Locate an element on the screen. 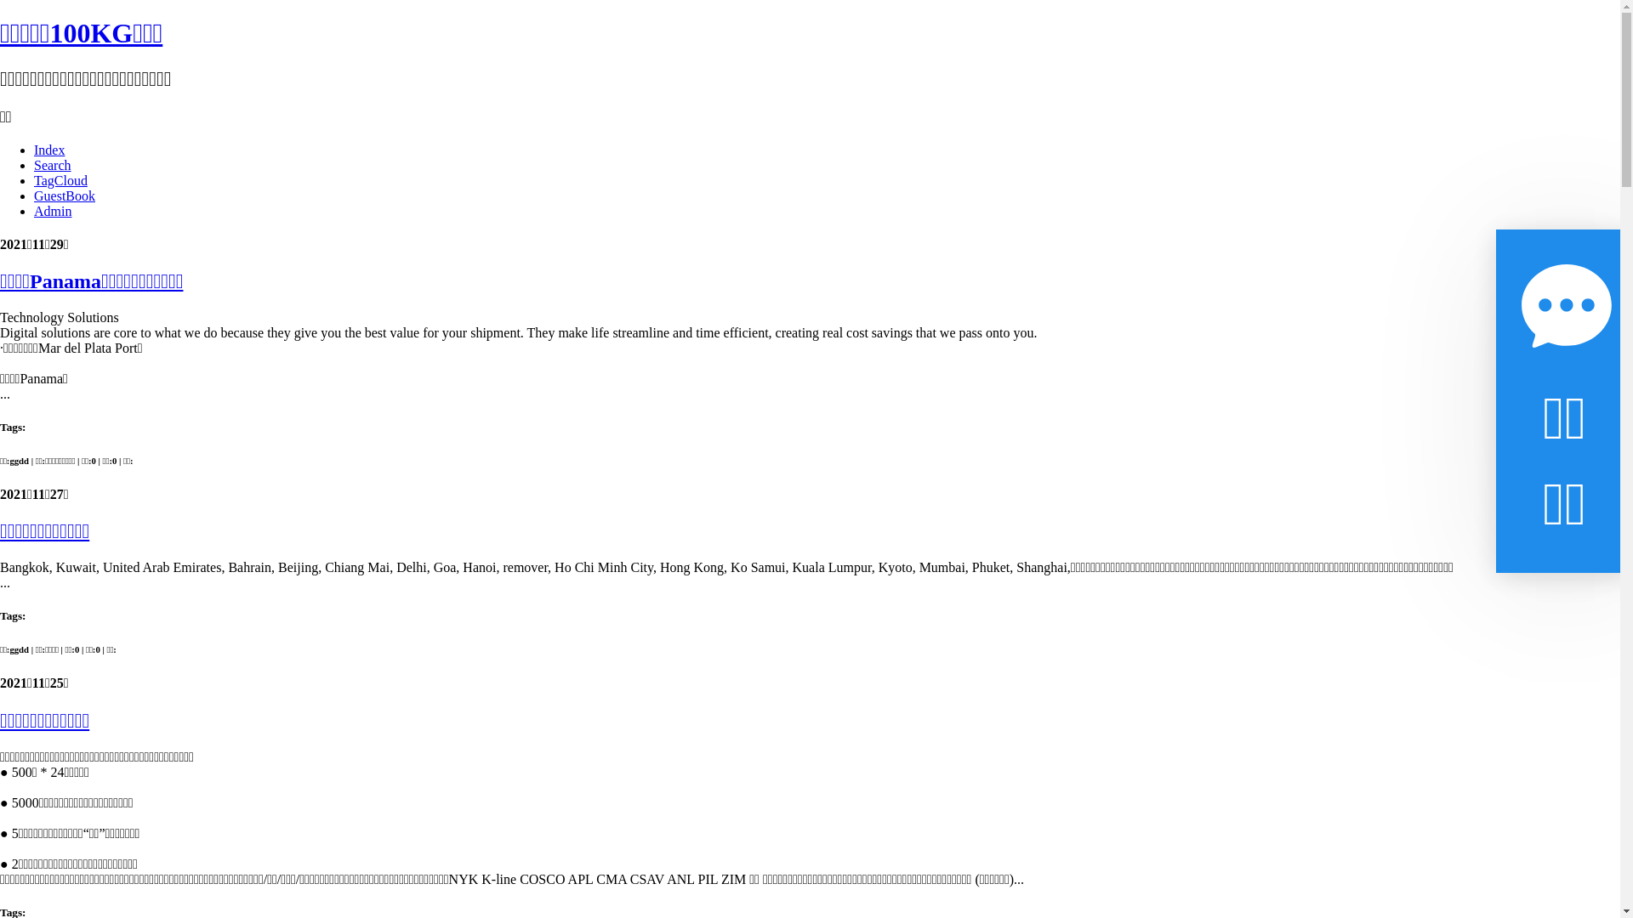  'TagCloud' is located at coordinates (60, 180).